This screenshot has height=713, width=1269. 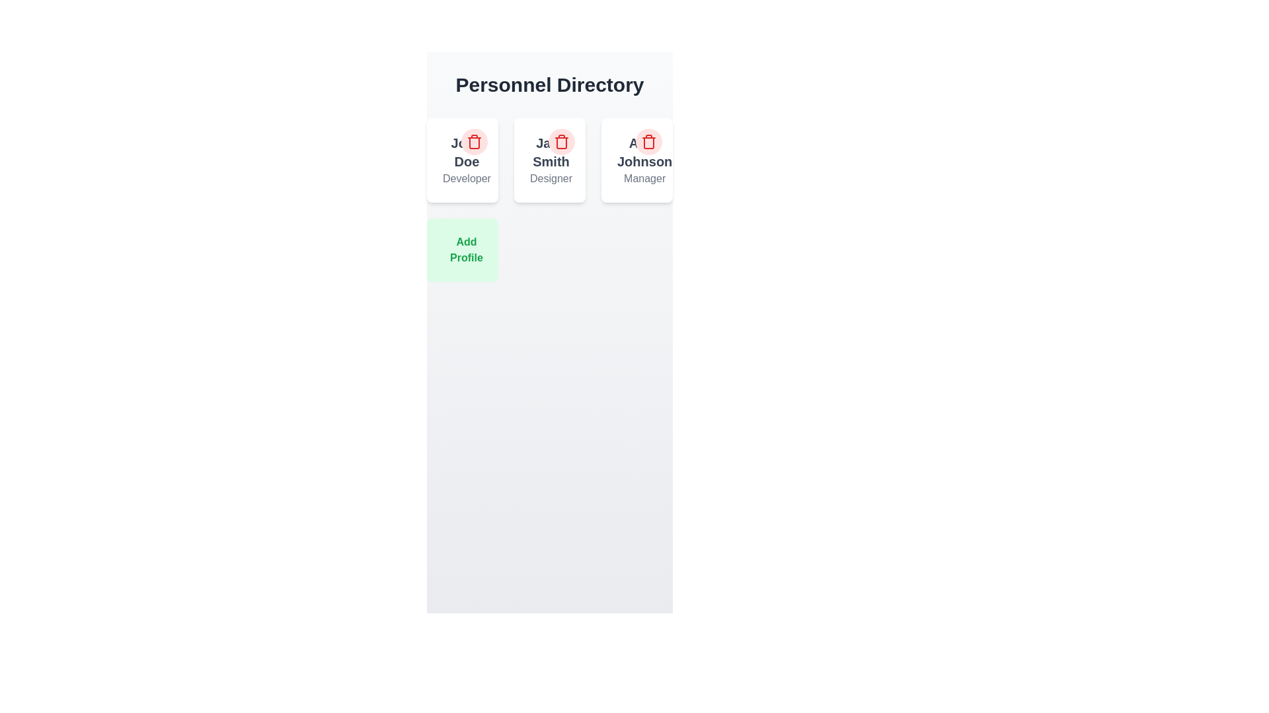 I want to click on the delete button located in the top-right corner of Alice Johnson's profile card, so click(x=649, y=142).